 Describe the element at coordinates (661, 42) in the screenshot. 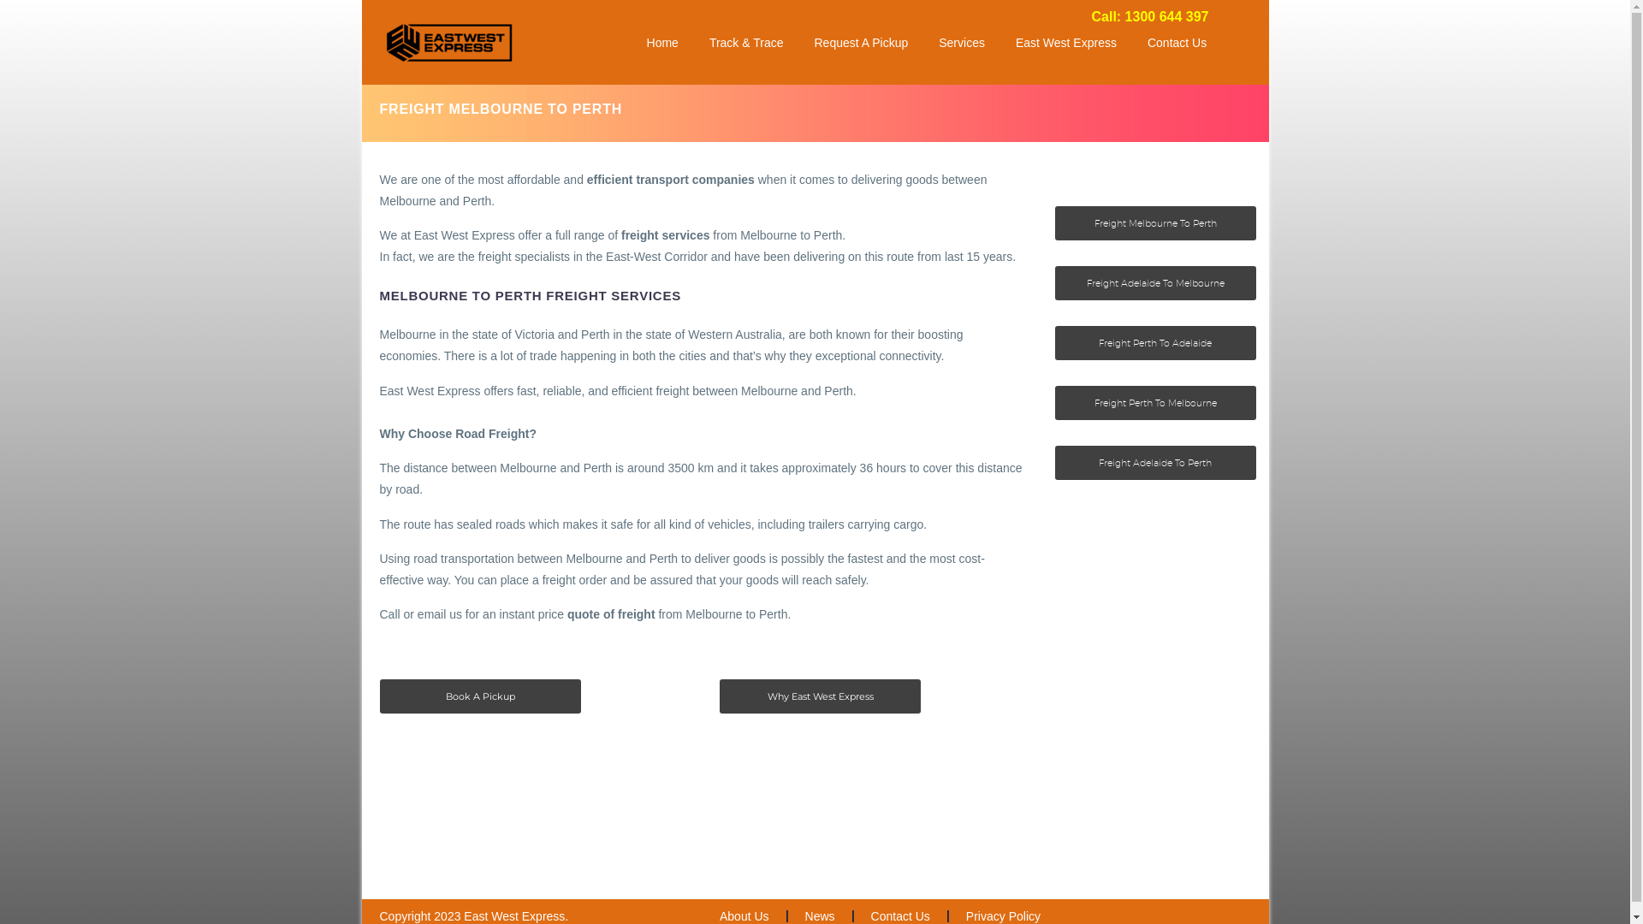

I see `'Home'` at that location.